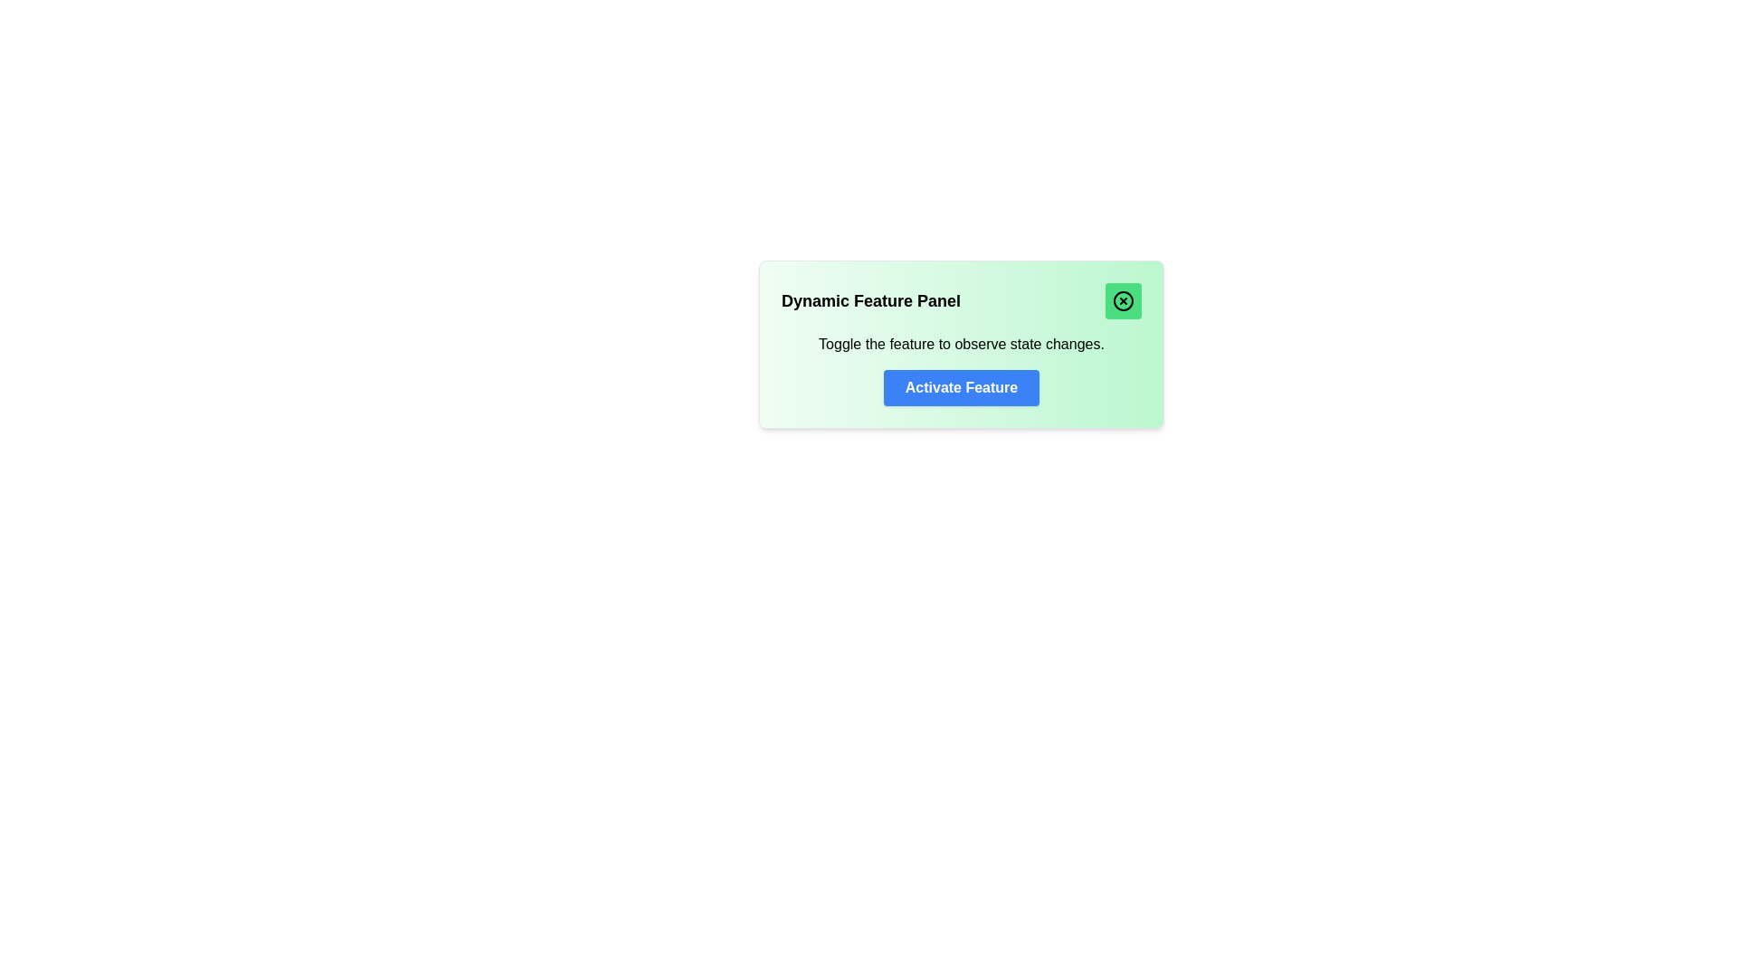 Image resolution: width=1737 pixels, height=977 pixels. I want to click on the icon-style button located in the upper-right portion of the green rounded rectangular box, so click(1123, 299).